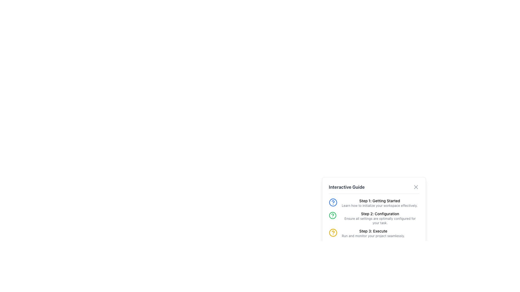  What do you see at coordinates (332, 215) in the screenshot?
I see `the circular icon with a green outline and question mark symbol located to the left of the text 'Step 2: Configuration' in the Interactive Guide panel` at bounding box center [332, 215].